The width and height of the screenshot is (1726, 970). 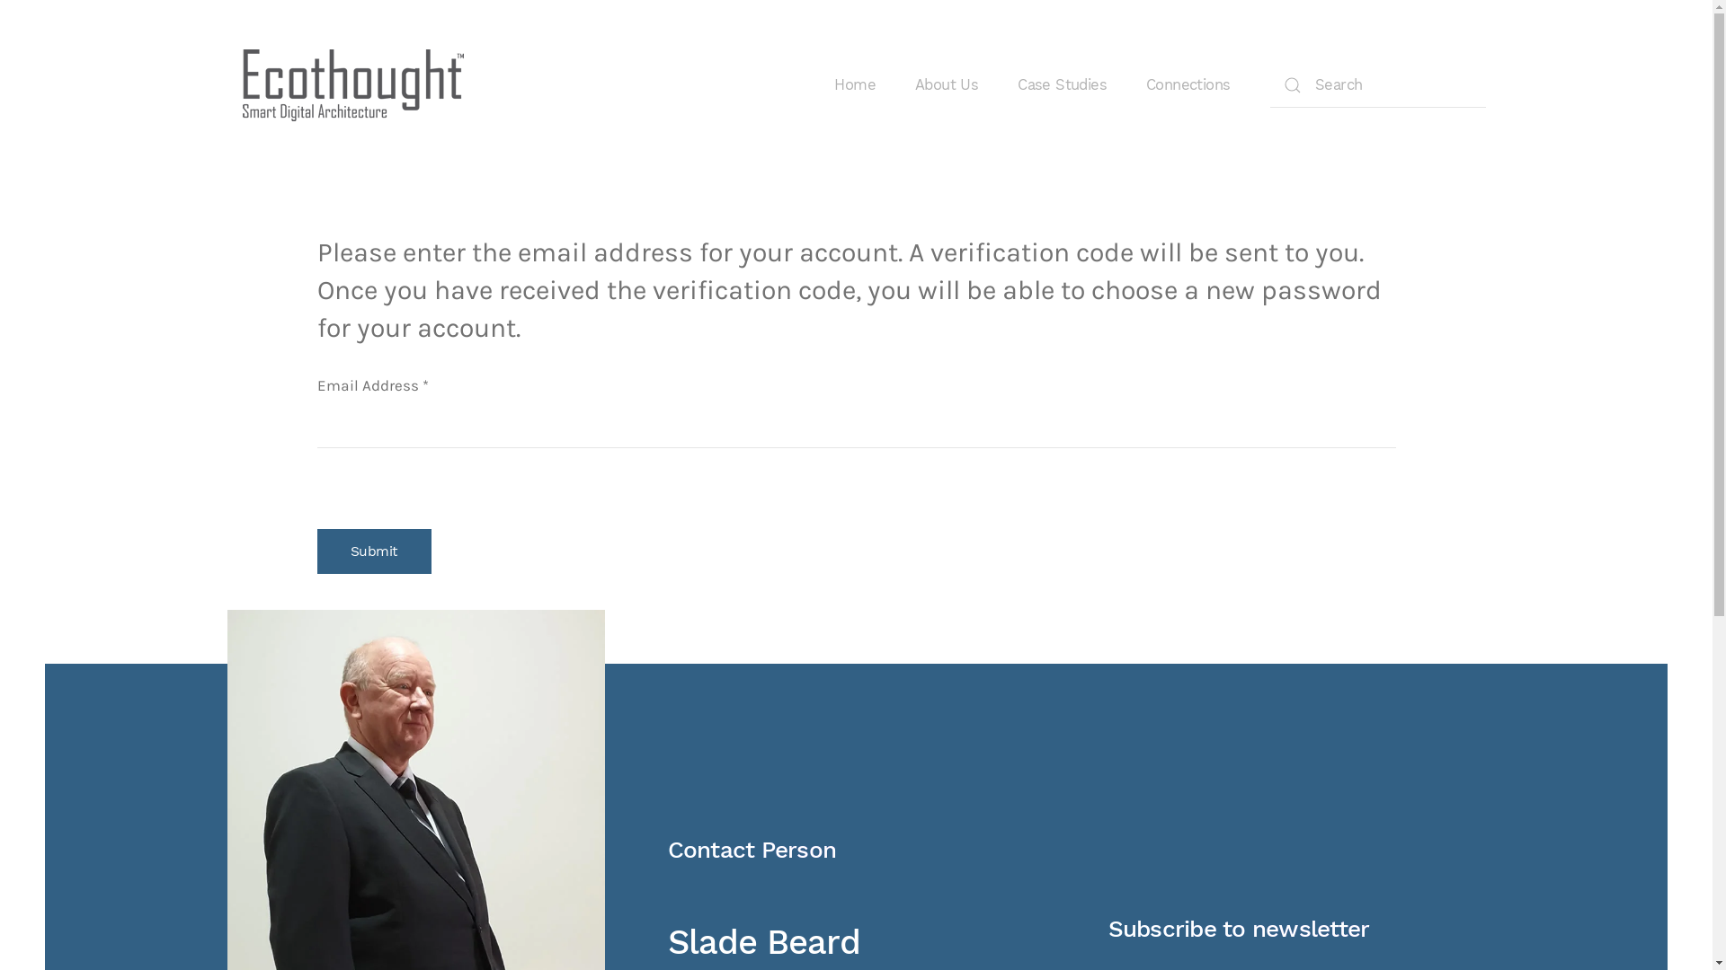 I want to click on 'Slade Beard', so click(x=763, y=940).